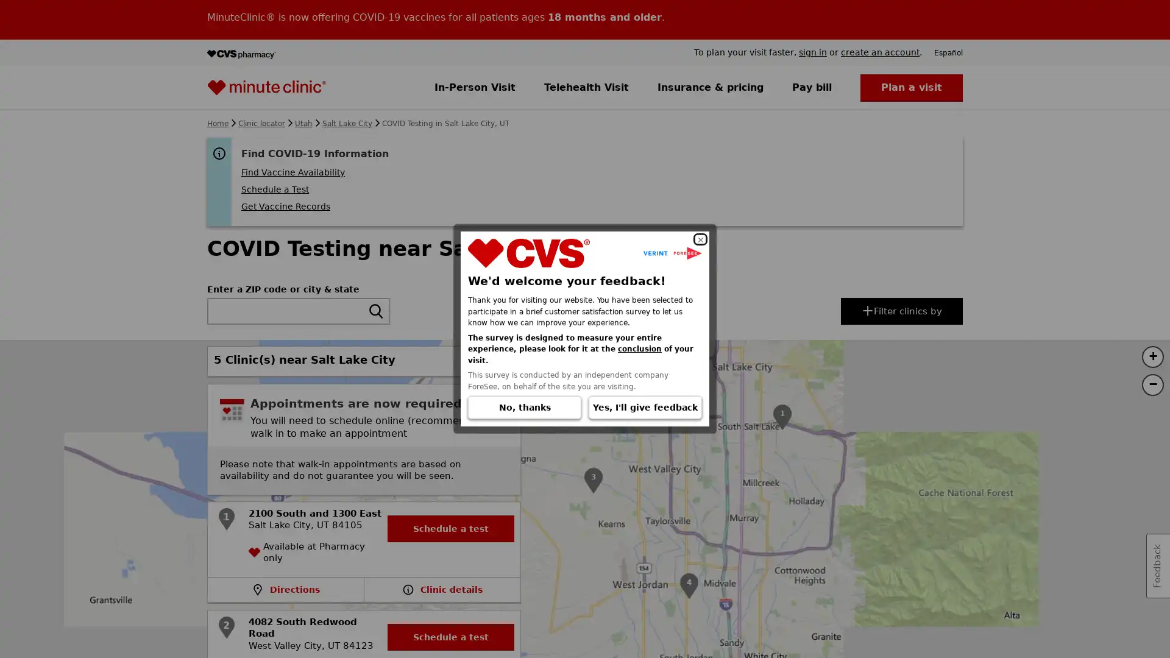 Image resolution: width=1170 pixels, height=658 pixels. Describe the element at coordinates (524, 407) in the screenshot. I see `No, thanks` at that location.